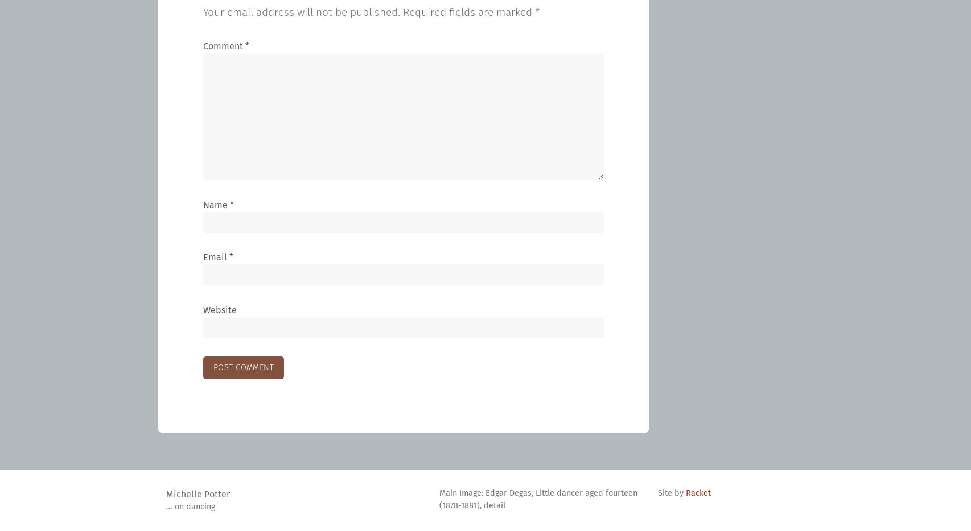 The image size is (971, 531). What do you see at coordinates (198, 494) in the screenshot?
I see `'Michelle Potter'` at bounding box center [198, 494].